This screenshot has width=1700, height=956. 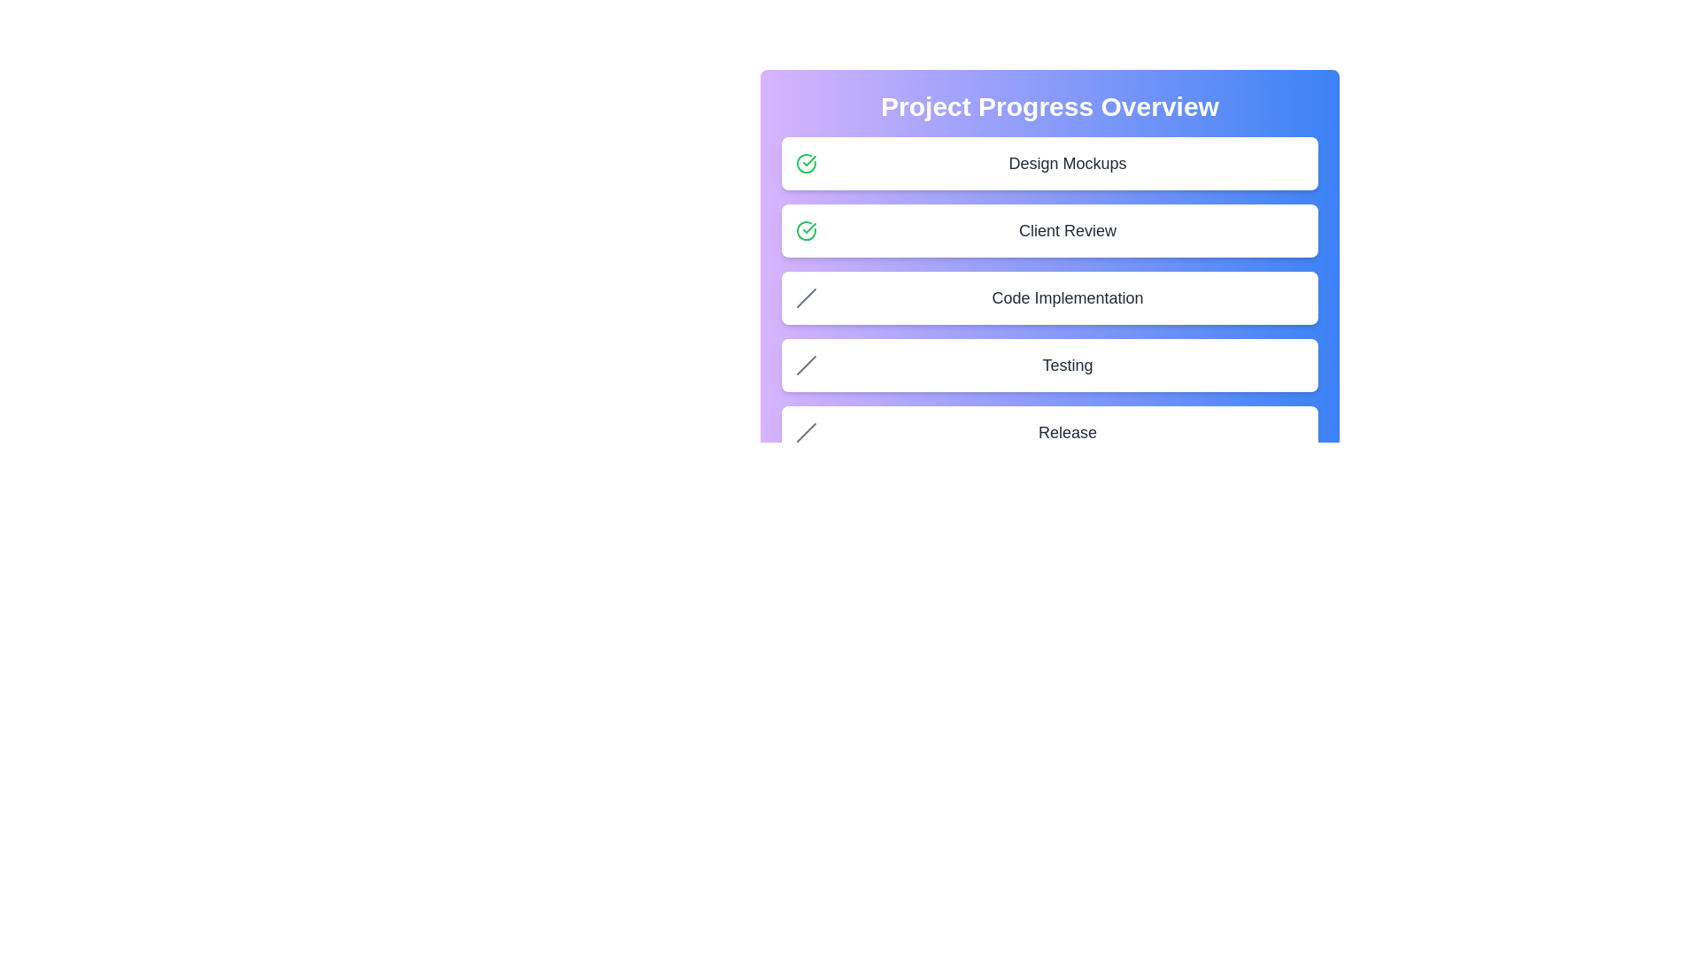 What do you see at coordinates (1066, 230) in the screenshot?
I see `the 'Client Review' text label located to the right of the green checkmark icon in the second row of the project progress interface` at bounding box center [1066, 230].